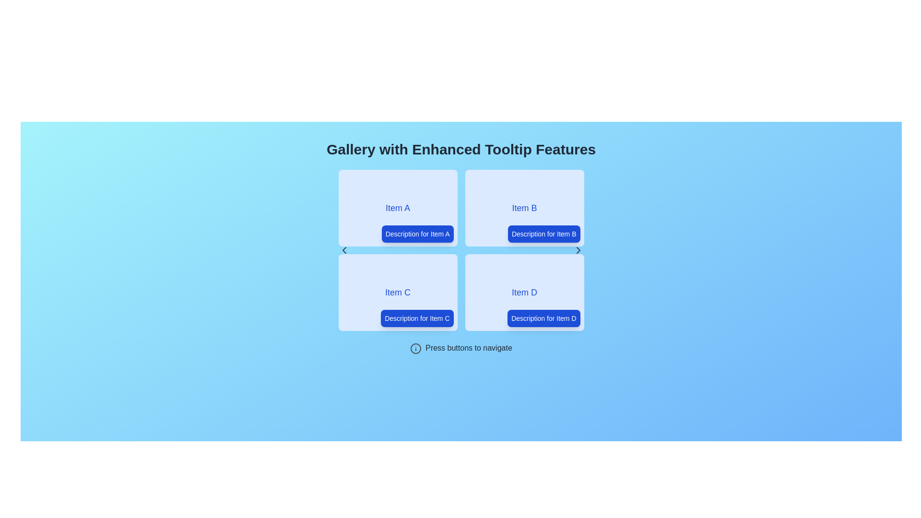 This screenshot has height=518, width=921. What do you see at coordinates (524, 292) in the screenshot?
I see `the informational card displaying 'Item D' located at the bottom right of the grid to focus or select it` at bounding box center [524, 292].